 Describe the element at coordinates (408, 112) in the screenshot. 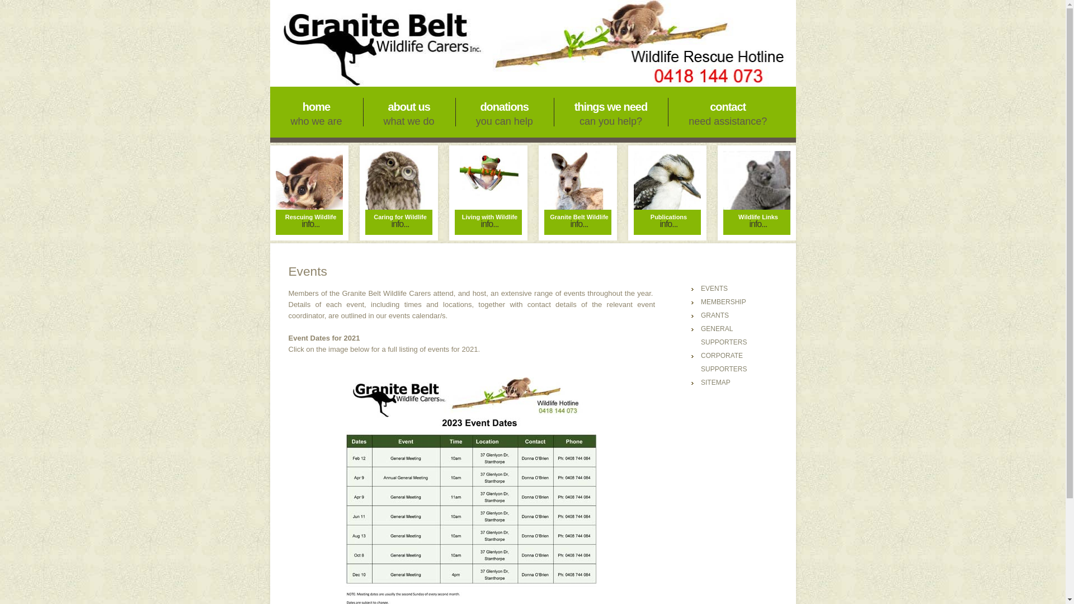

I see `'about us` at that location.